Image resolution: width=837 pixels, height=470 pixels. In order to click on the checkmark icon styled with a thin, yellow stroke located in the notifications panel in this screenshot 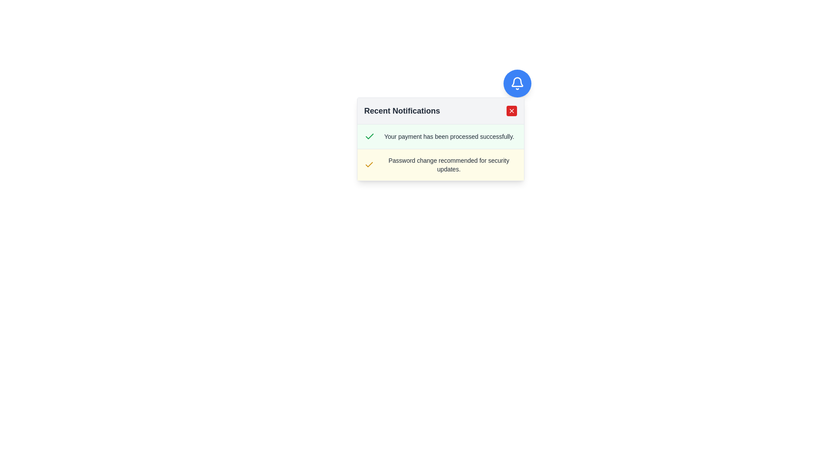, I will do `click(369, 164)`.